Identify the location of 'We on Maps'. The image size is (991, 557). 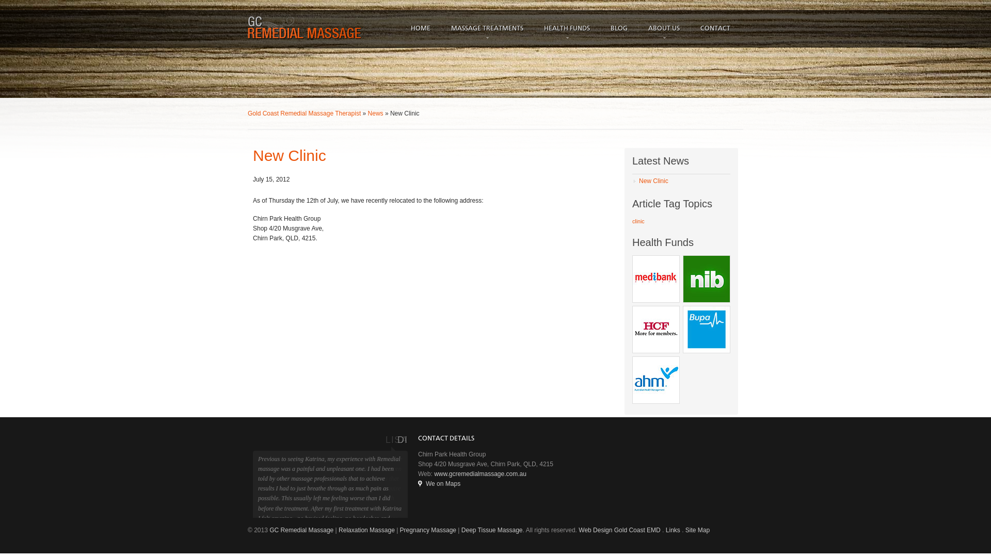
(439, 483).